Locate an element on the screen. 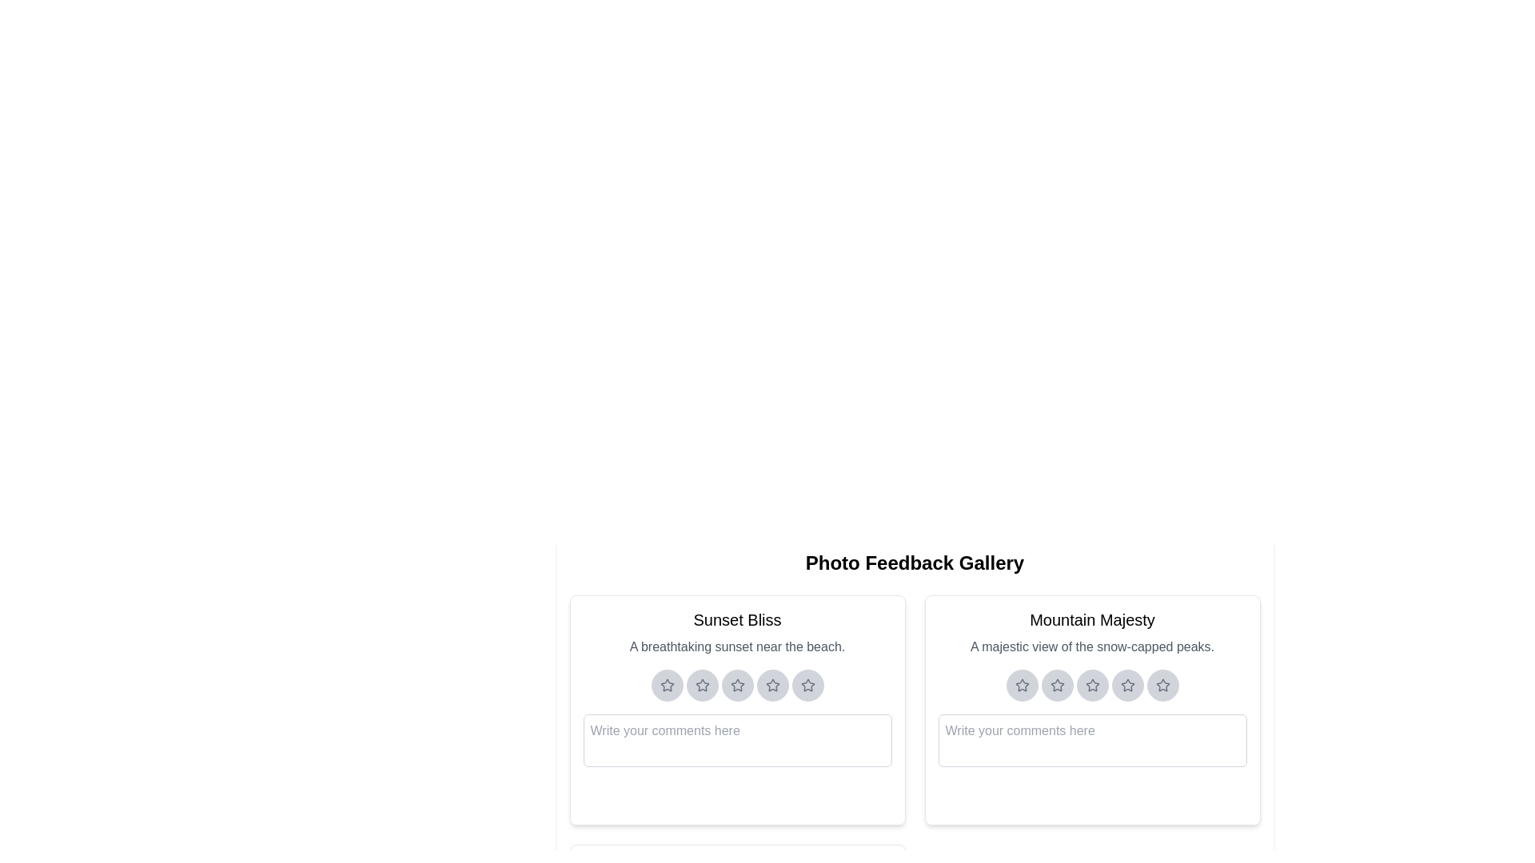 The width and height of the screenshot is (1535, 863). the text header that reads 'Photo Feedback Gallery' to potentially see tooltips or effects is located at coordinates (915, 563).